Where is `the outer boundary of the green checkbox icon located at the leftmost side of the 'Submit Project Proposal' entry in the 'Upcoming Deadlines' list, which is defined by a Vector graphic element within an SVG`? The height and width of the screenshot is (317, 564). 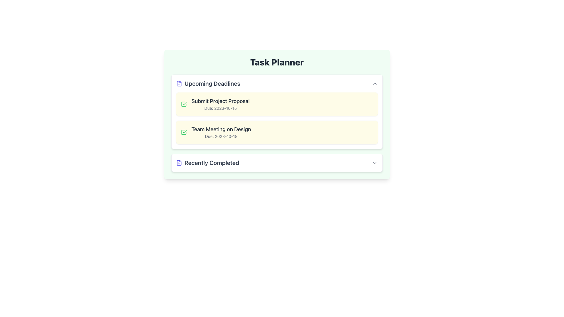 the outer boundary of the green checkbox icon located at the leftmost side of the 'Submit Project Proposal' entry in the 'Upcoming Deadlines' list, which is defined by a Vector graphic element within an SVG is located at coordinates (183, 132).